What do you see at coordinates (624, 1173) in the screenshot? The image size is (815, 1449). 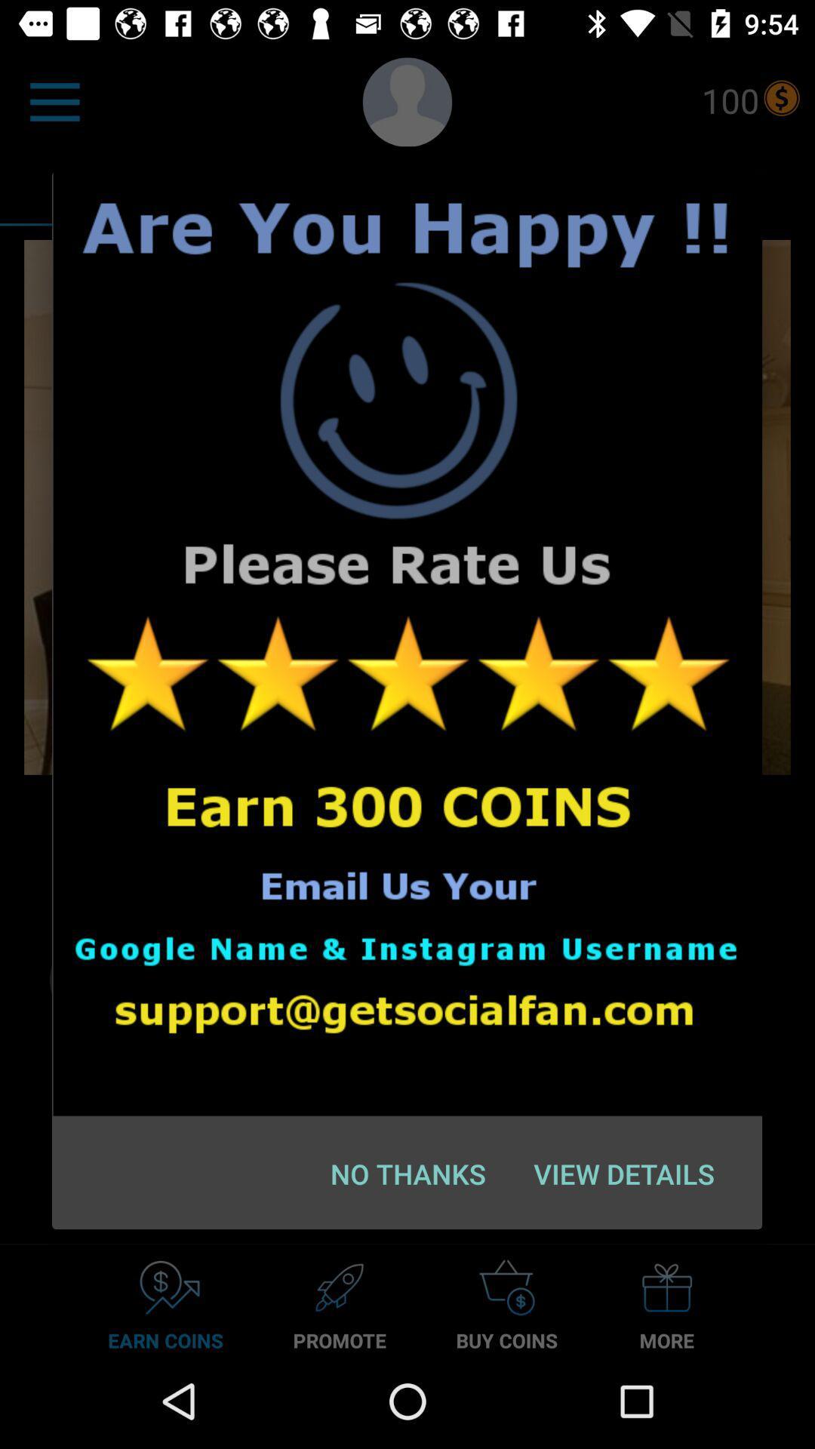 I see `the view details at the bottom right corner` at bounding box center [624, 1173].